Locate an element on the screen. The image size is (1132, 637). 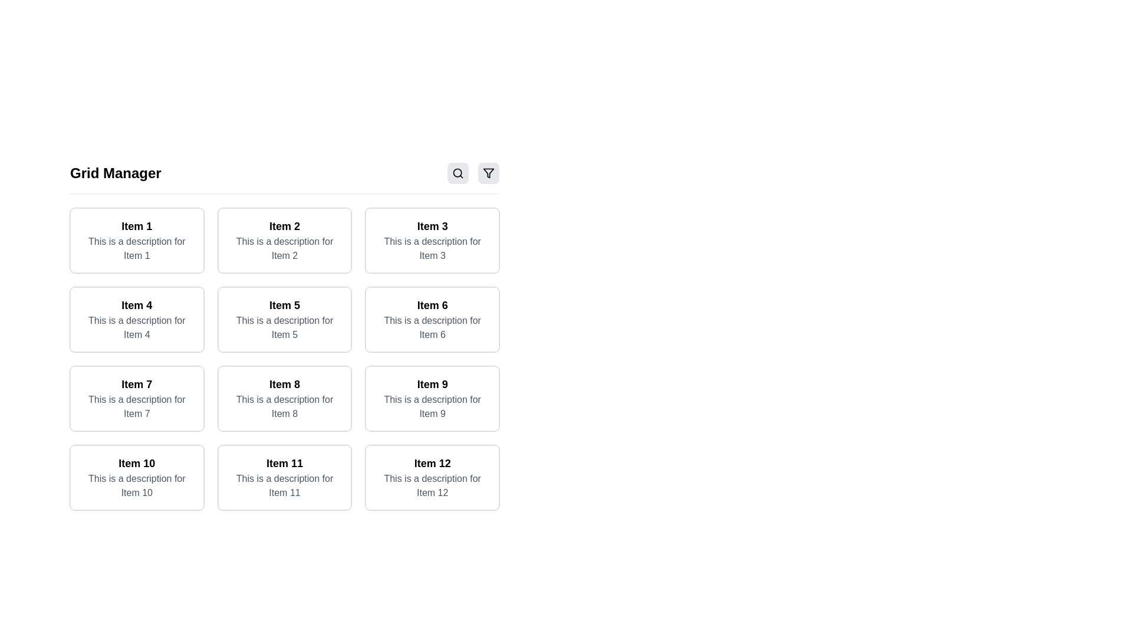
text content of the bold label displaying 'Item 12', which is located in the bottom right cell of a 4x3 grid above the descriptive text is located at coordinates (432, 463).